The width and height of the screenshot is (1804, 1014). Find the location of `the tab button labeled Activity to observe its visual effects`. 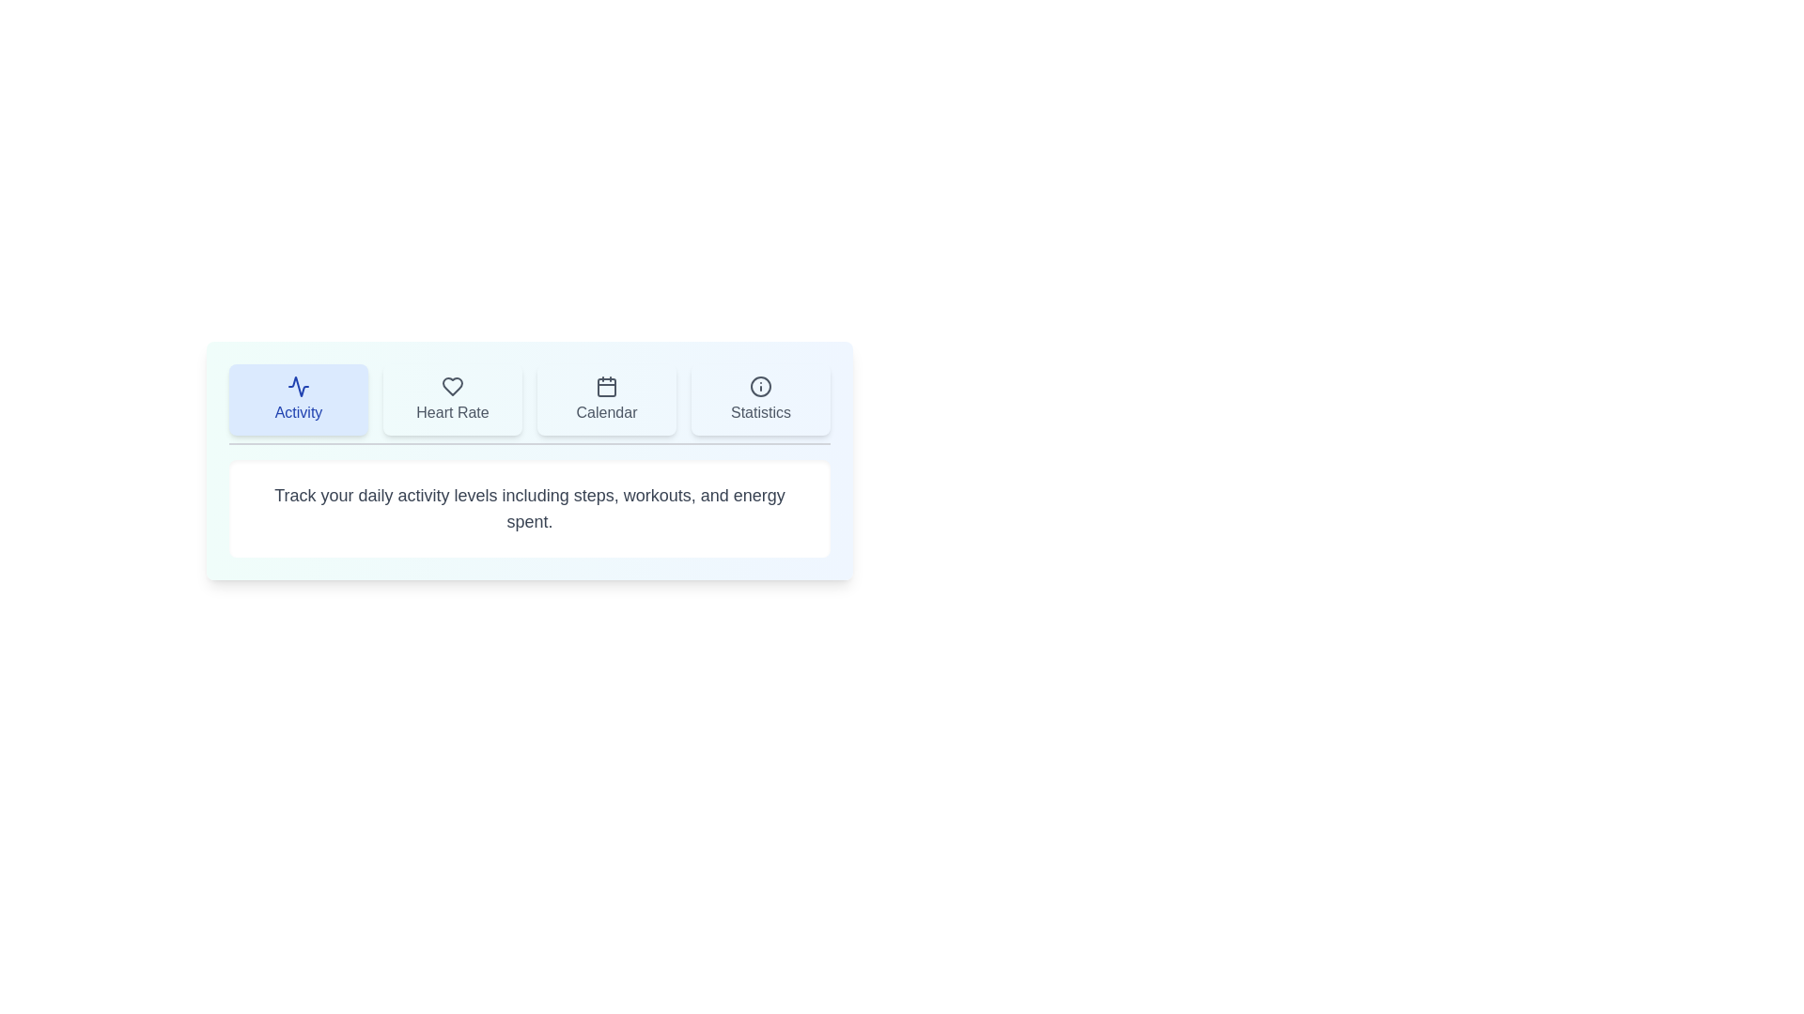

the tab button labeled Activity to observe its visual effects is located at coordinates (297, 398).